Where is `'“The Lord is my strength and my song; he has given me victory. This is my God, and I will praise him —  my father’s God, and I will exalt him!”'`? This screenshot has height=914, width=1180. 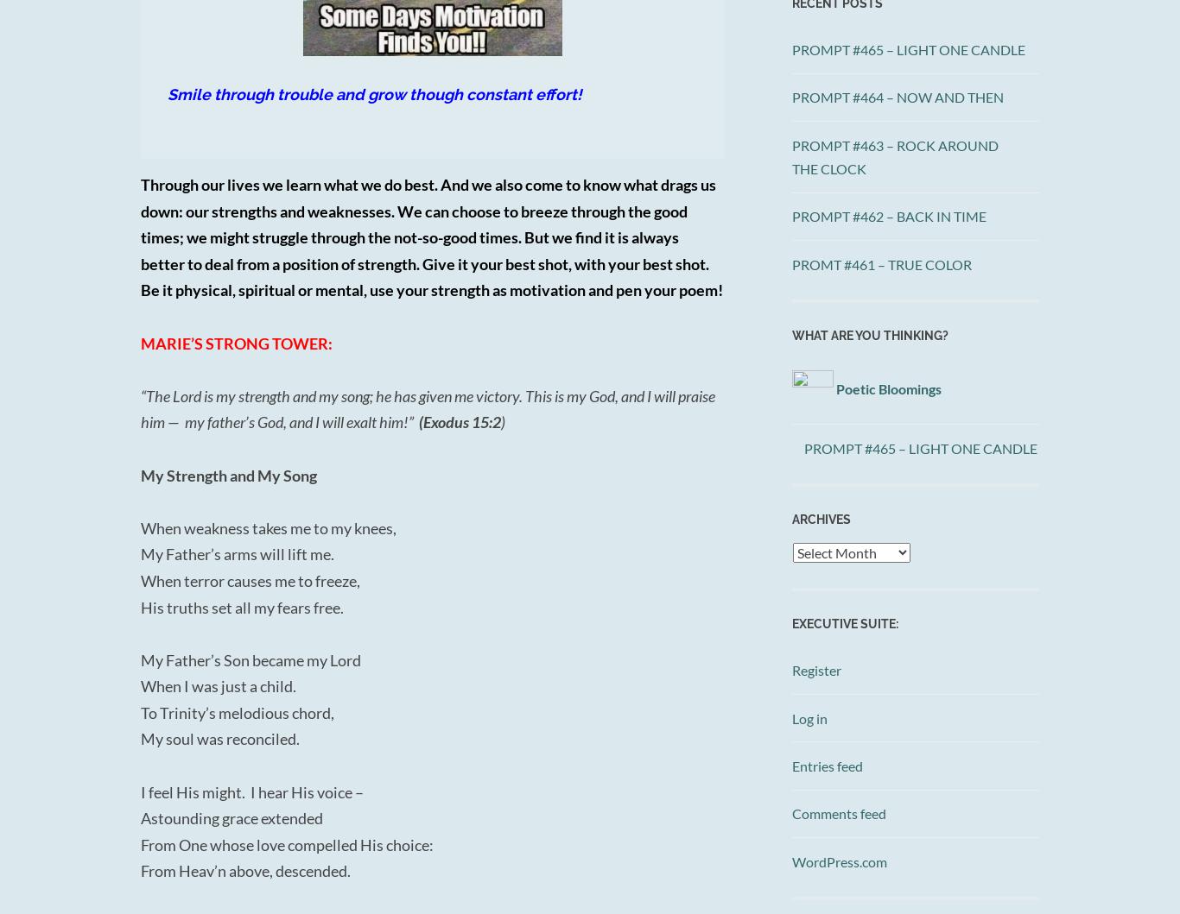 '“The Lord is my strength and my song; he has given me victory. This is my God, and I will praise him —  my father’s God, and I will exalt him!”' is located at coordinates (139, 408).